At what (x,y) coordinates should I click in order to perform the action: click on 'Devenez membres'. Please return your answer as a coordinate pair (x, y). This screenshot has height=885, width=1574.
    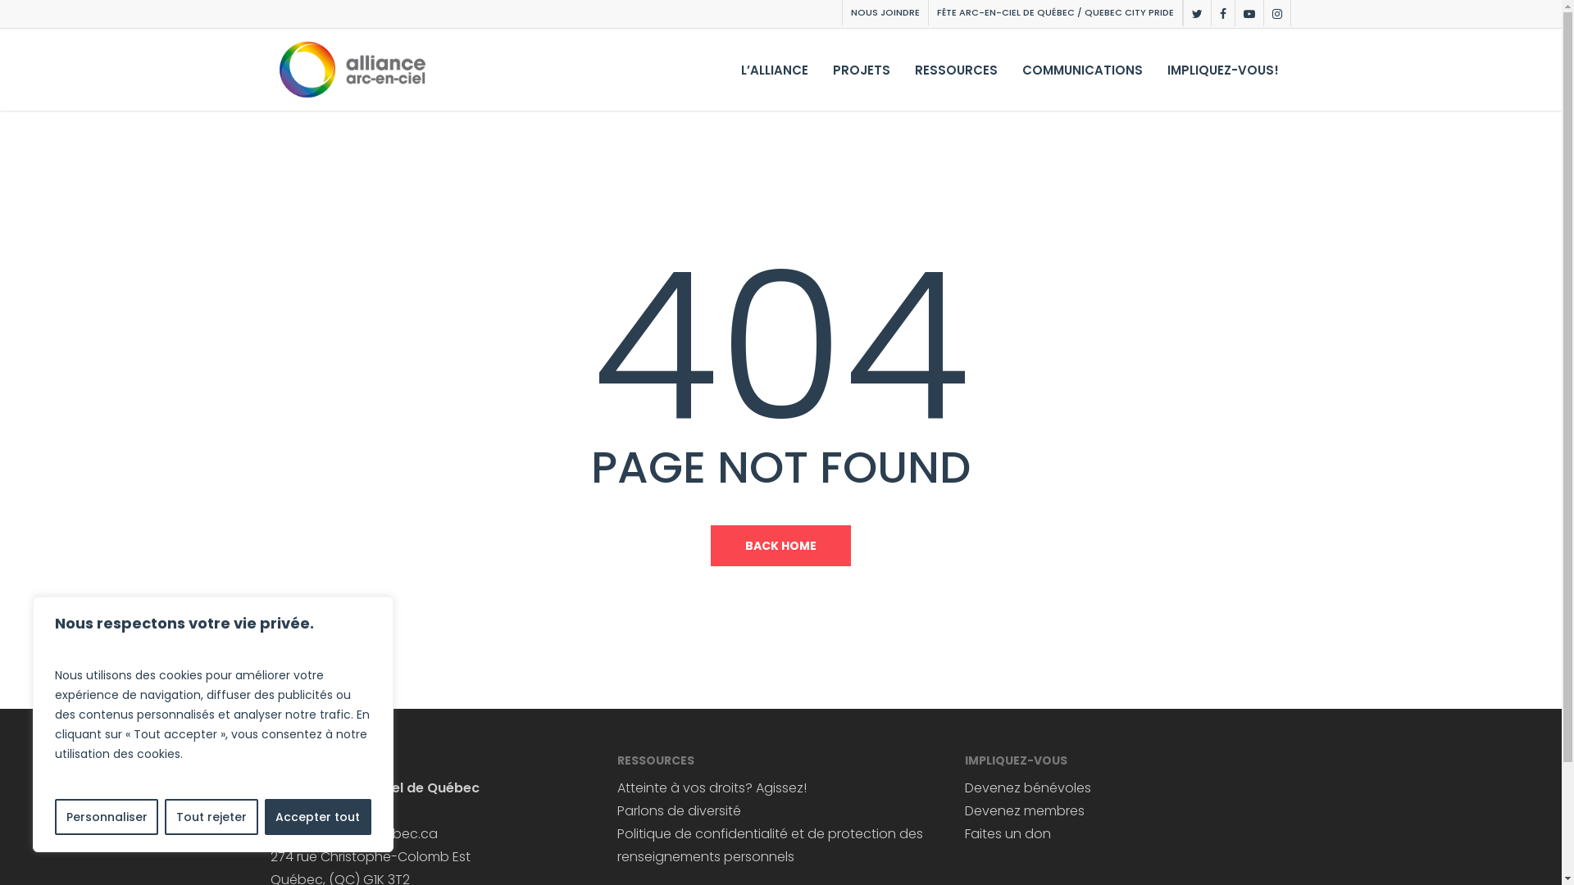
    Looking at the image, I should click on (1023, 810).